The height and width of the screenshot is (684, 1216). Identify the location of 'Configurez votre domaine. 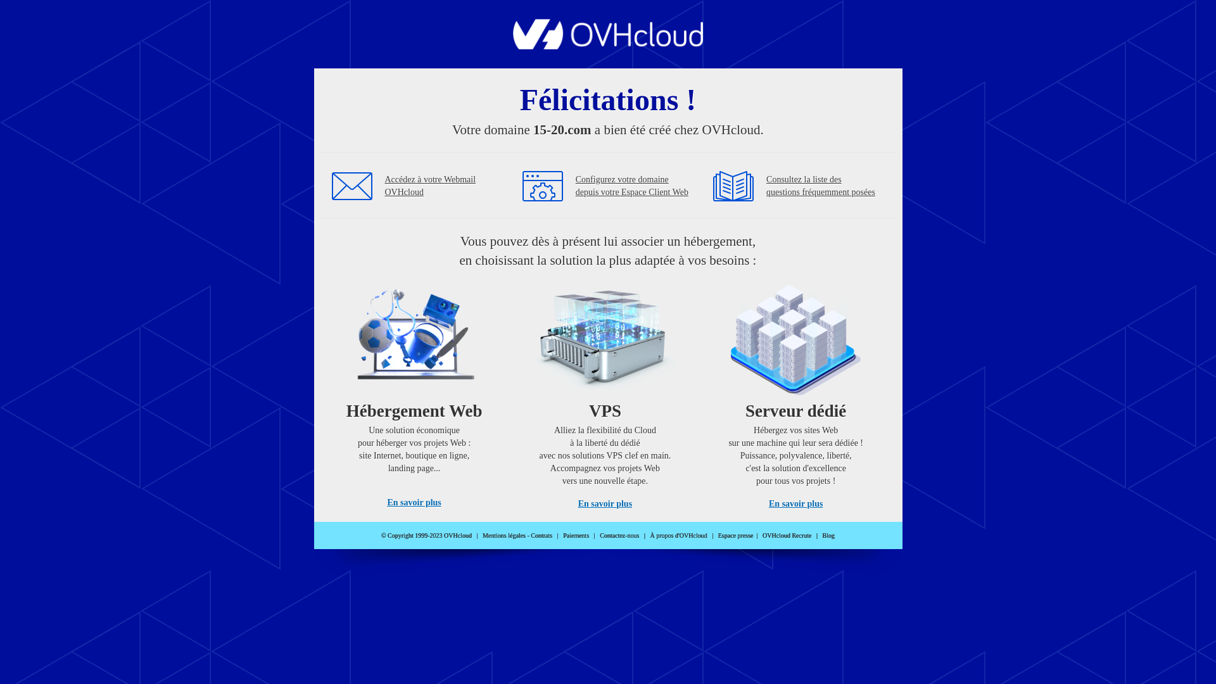
(632, 186).